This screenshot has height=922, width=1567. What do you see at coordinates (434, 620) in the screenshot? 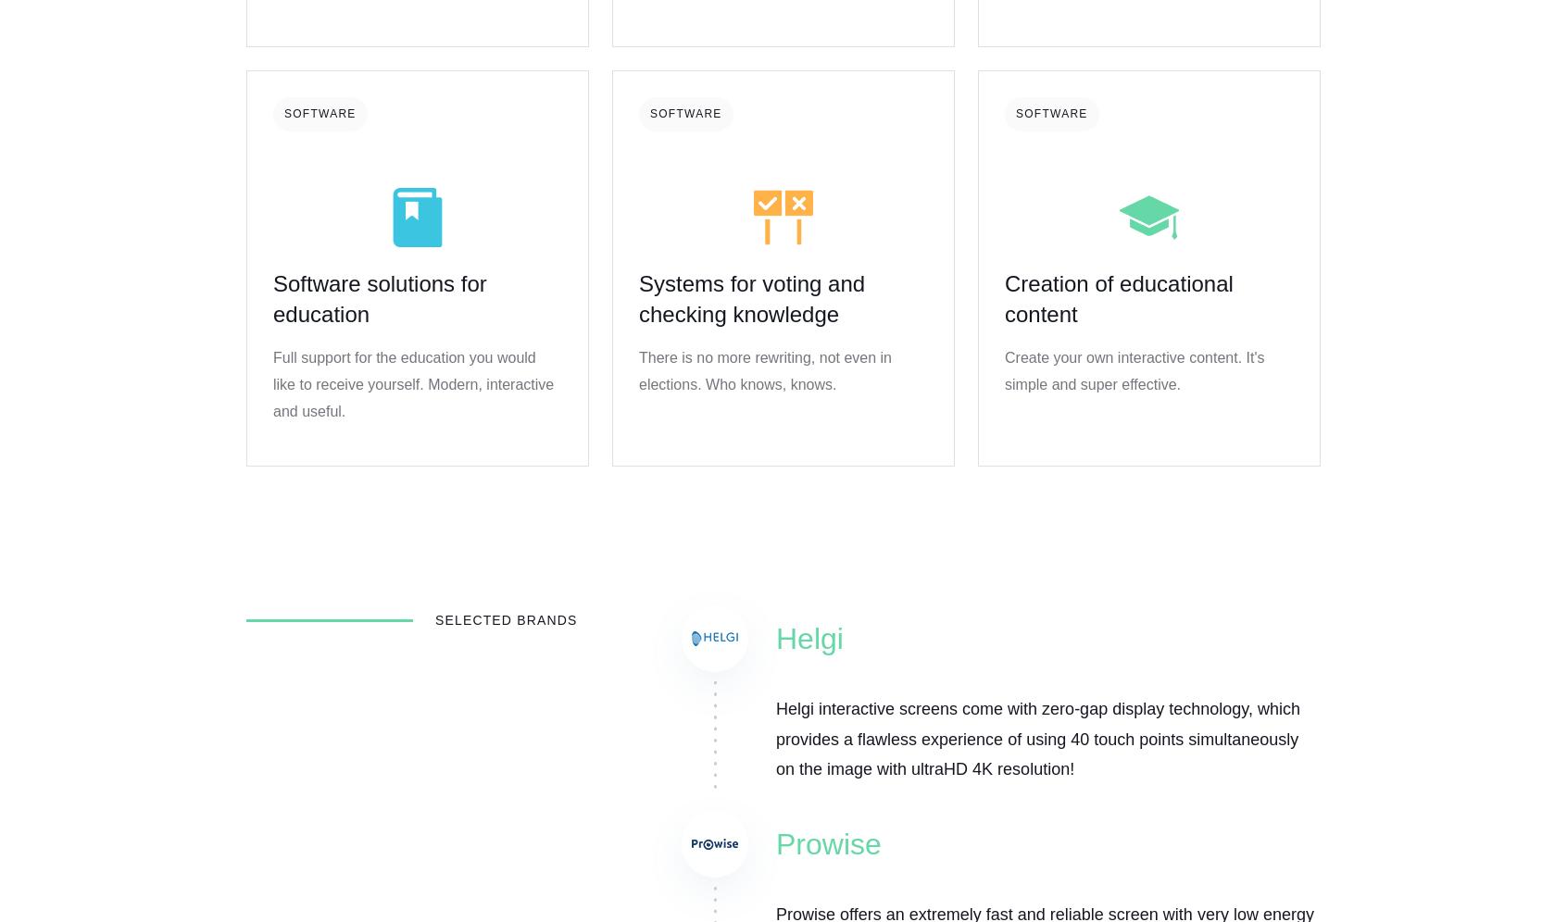
I see `'Selected brands'` at bounding box center [434, 620].